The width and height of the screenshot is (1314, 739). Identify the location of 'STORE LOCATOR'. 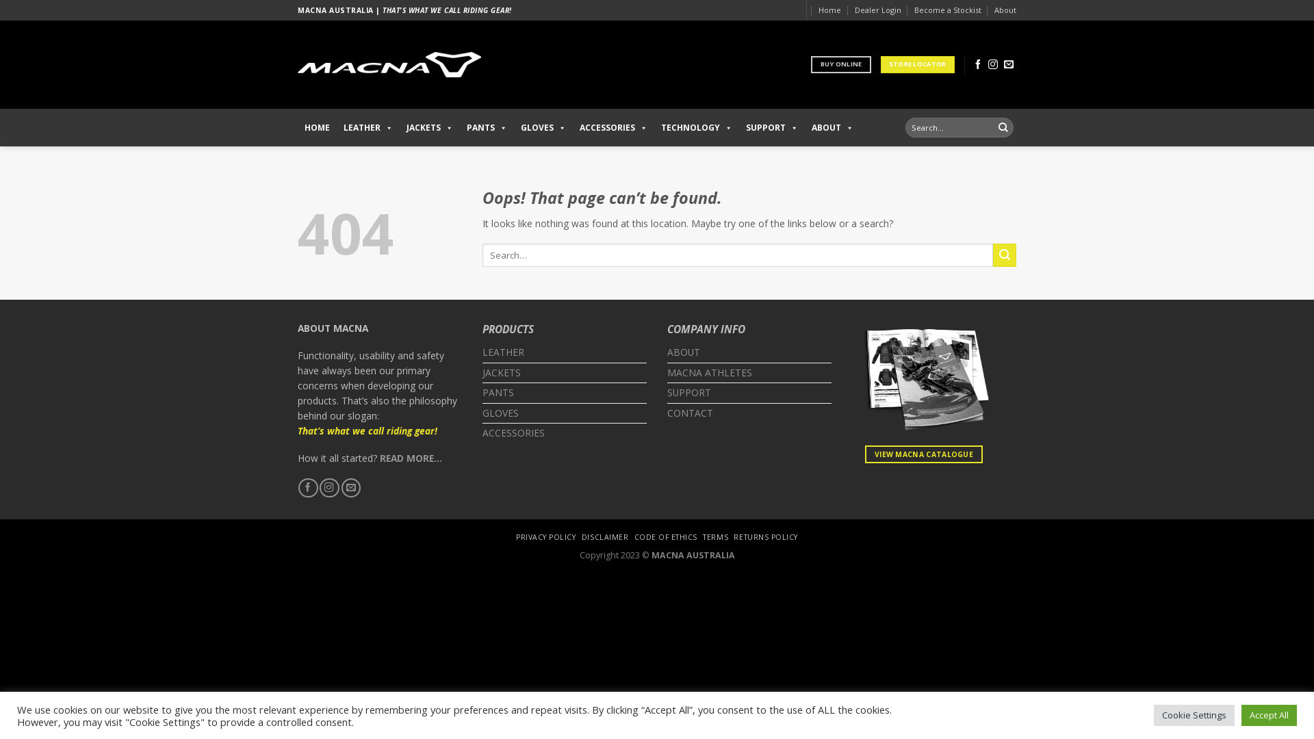
(917, 64).